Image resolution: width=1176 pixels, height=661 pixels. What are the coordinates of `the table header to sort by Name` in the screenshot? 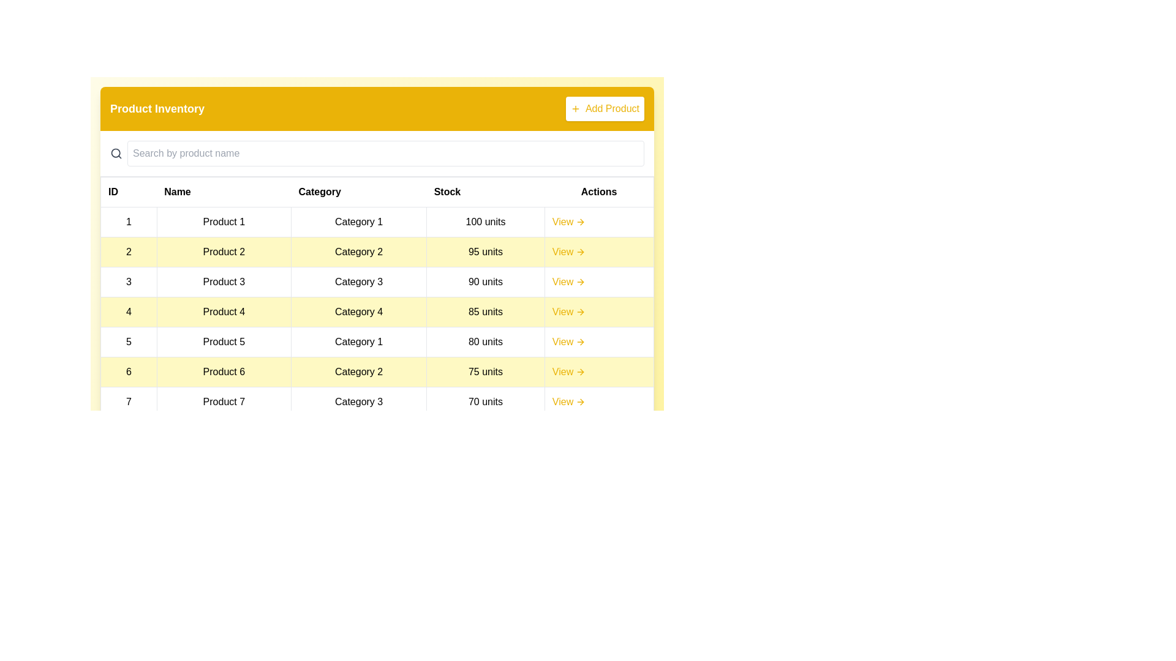 It's located at (223, 192).